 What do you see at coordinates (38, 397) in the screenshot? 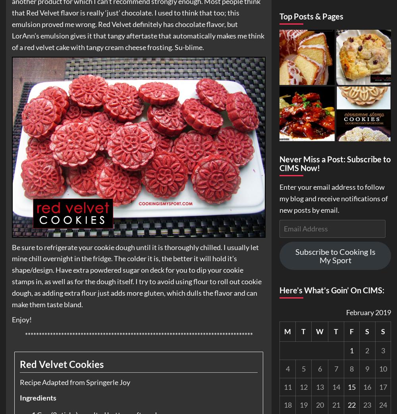
I see `'Ingredients'` at bounding box center [38, 397].